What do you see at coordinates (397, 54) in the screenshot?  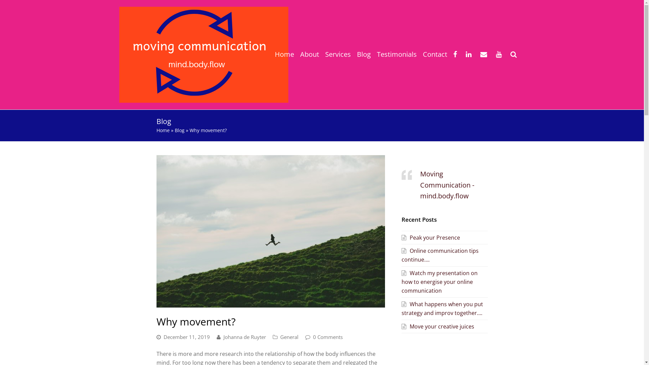 I see `'Testimonials'` at bounding box center [397, 54].